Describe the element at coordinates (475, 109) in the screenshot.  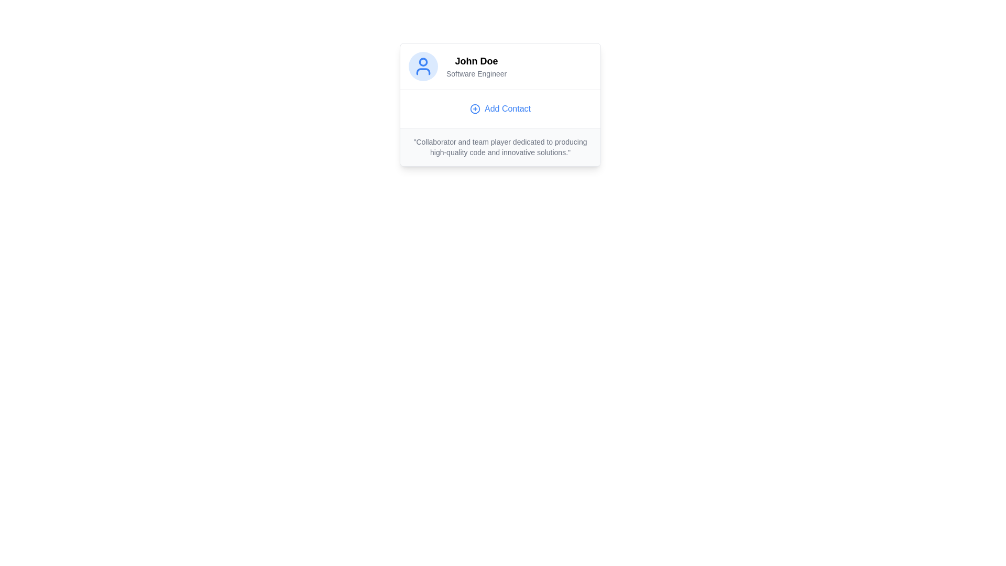
I see `the SVG Circle icon that represents the base for a '+' symbol, located to the left of the text 'Add Contact' within a card layout` at that location.